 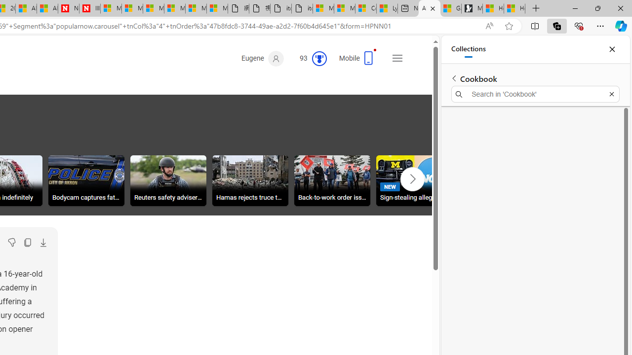 I want to click on 'Search in ', so click(x=535, y=94).